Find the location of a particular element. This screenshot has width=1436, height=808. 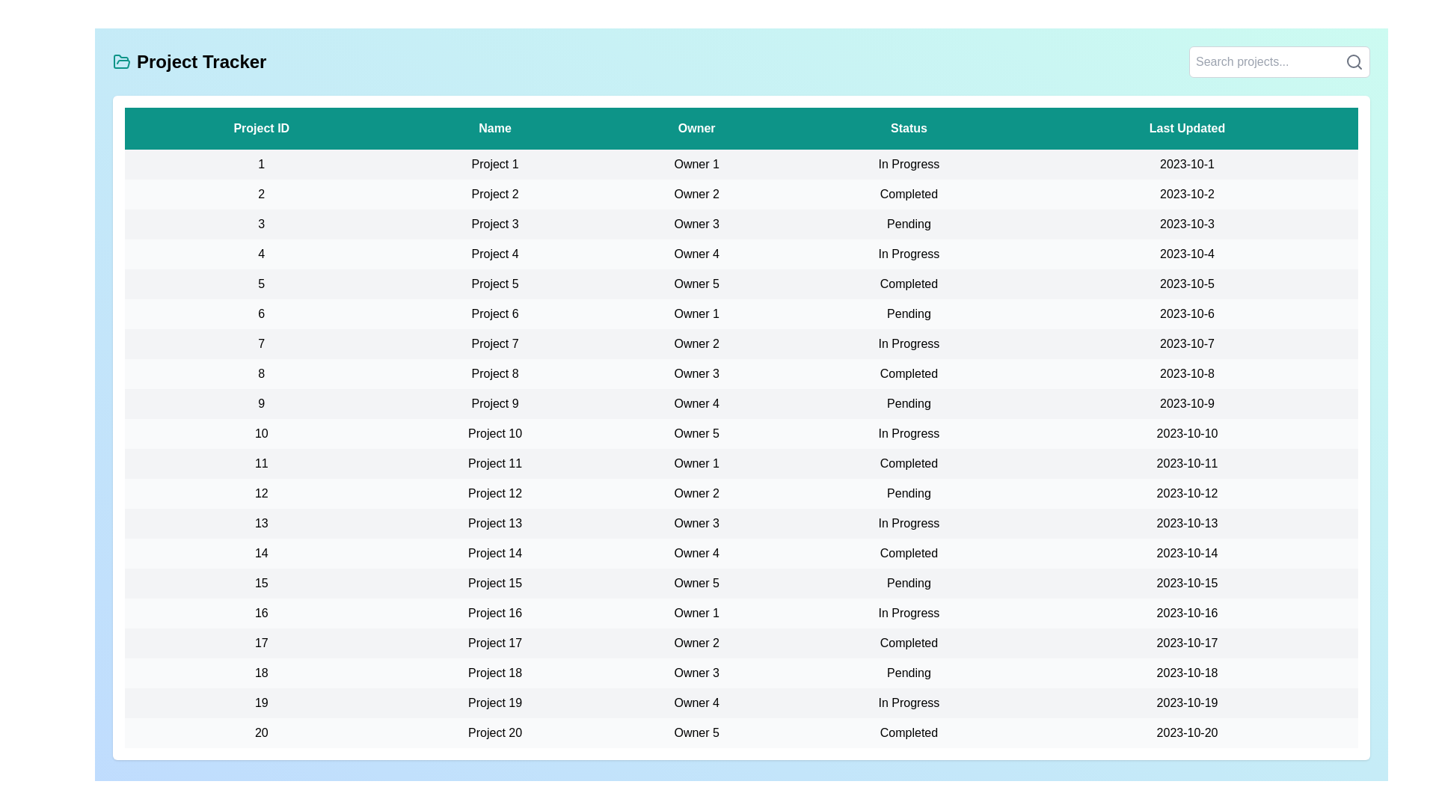

the column header Last Updated to sort the table by that column is located at coordinates (1186, 128).